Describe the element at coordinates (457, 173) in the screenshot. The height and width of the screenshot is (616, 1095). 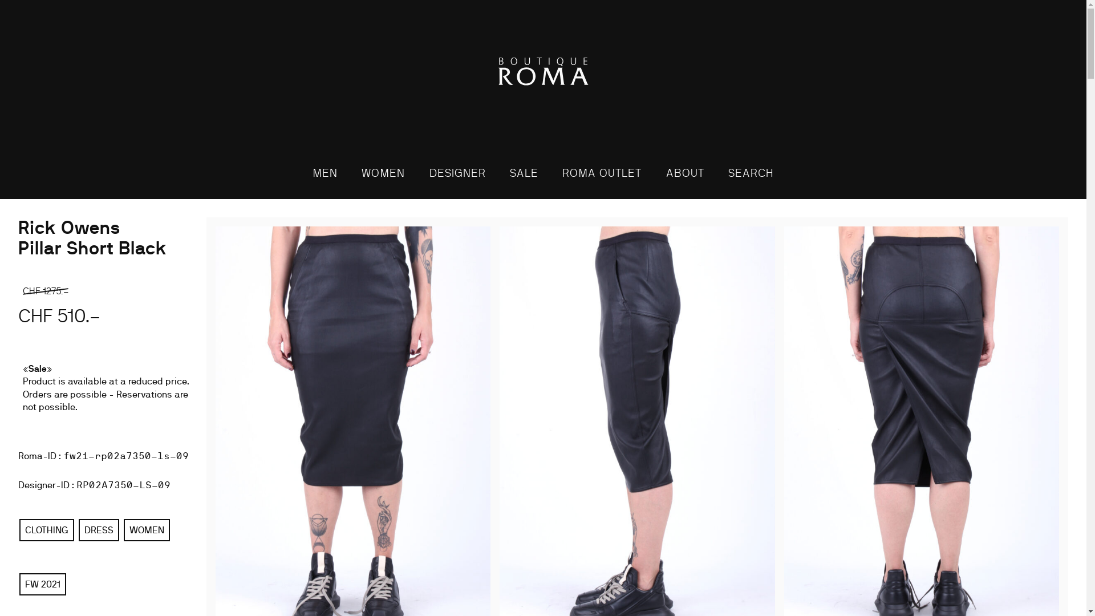
I see `'DESIGNER'` at that location.